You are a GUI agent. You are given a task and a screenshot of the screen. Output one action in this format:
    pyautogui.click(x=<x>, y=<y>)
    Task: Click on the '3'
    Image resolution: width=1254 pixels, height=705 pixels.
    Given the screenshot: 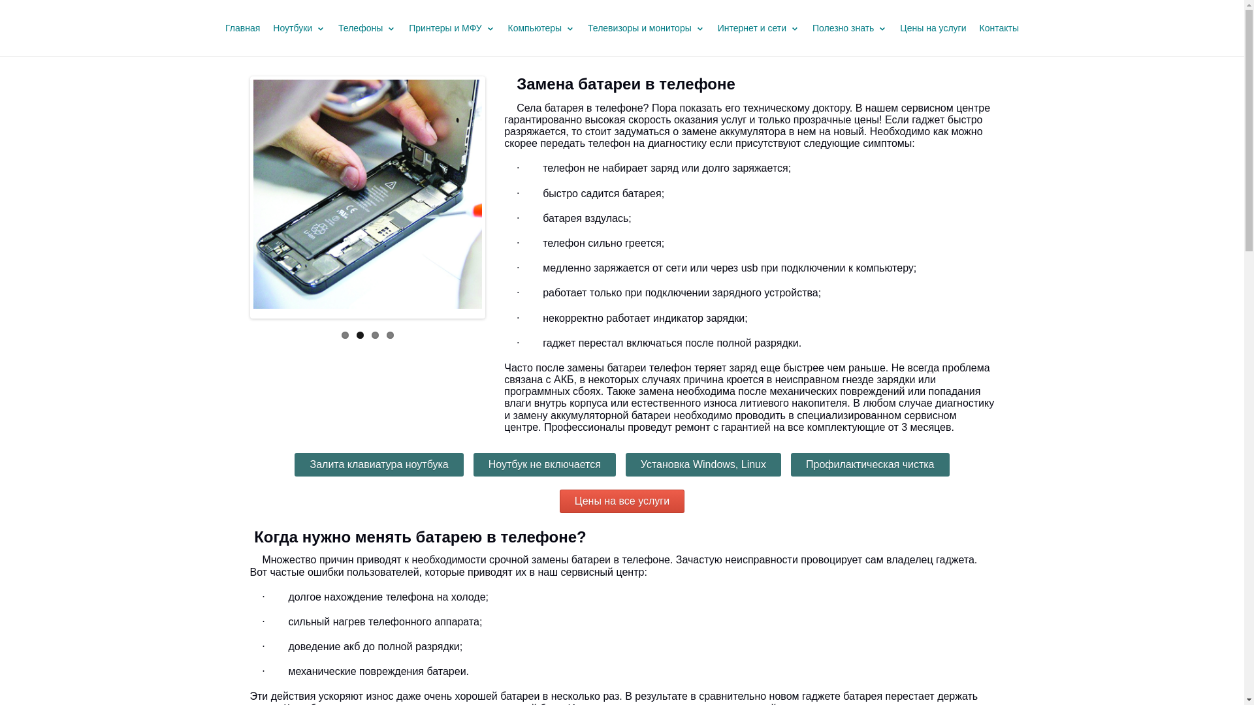 What is the action you would take?
    pyautogui.click(x=374, y=334)
    